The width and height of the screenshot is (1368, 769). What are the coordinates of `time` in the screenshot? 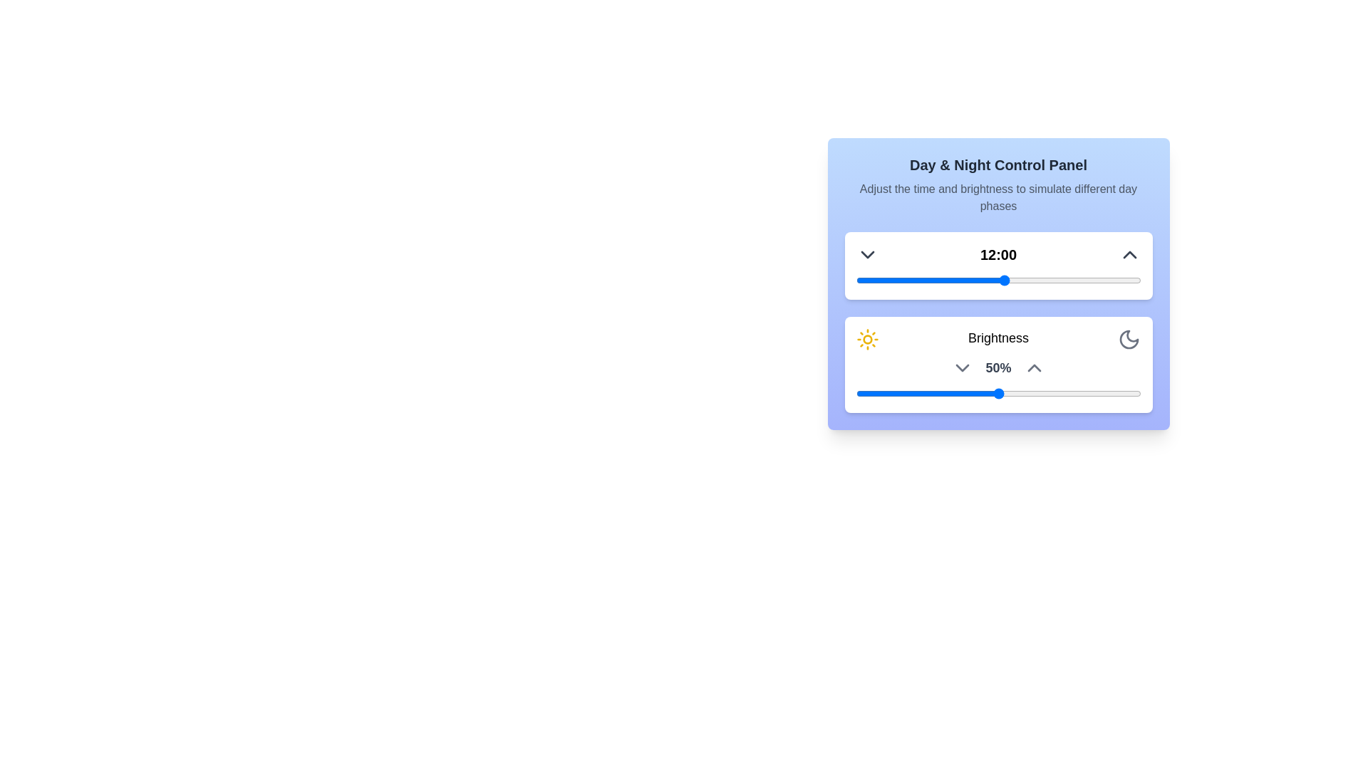 It's located at (905, 280).